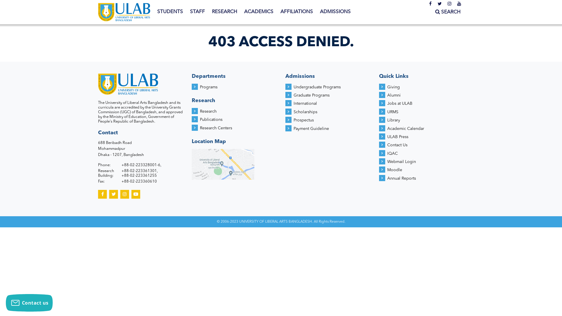 The width and height of the screenshot is (562, 316). Describe the element at coordinates (29, 303) in the screenshot. I see `'Contact us'` at that location.